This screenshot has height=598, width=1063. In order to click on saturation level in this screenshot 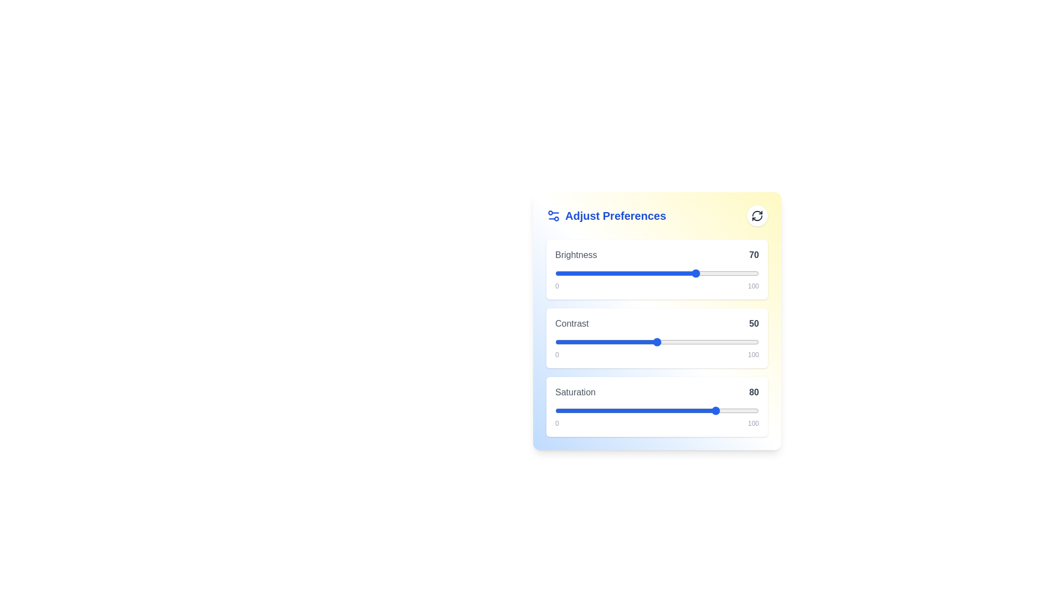, I will do `click(734, 410)`.